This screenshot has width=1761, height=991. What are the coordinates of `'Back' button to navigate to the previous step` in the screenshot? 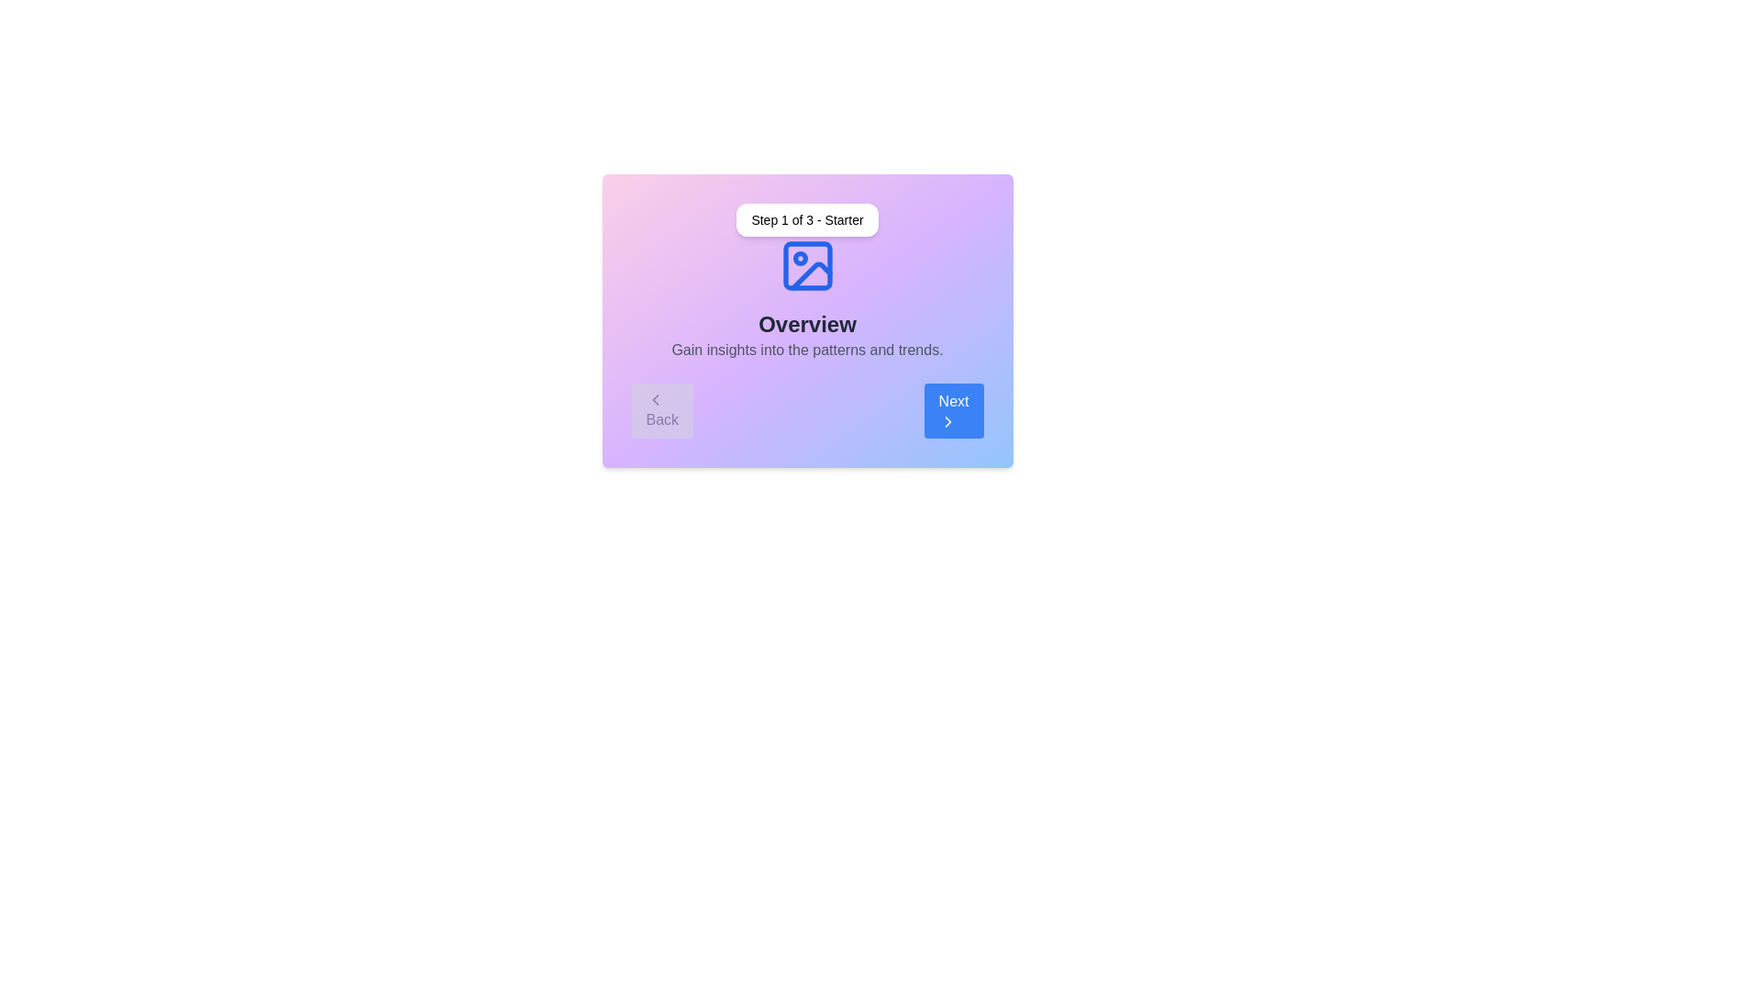 It's located at (661, 409).